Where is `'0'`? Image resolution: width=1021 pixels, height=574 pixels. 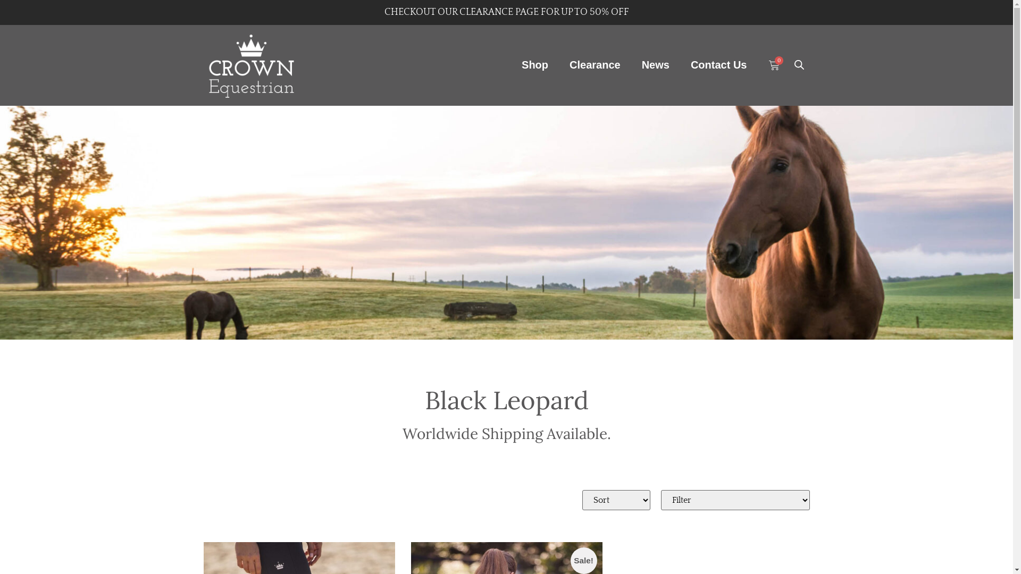 '0' is located at coordinates (768, 65).